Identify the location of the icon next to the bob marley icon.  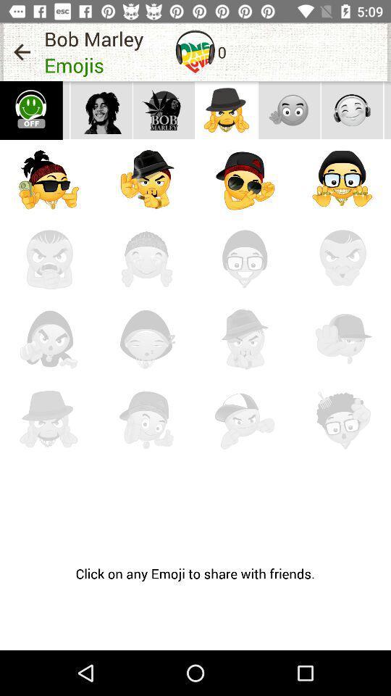
(21, 51).